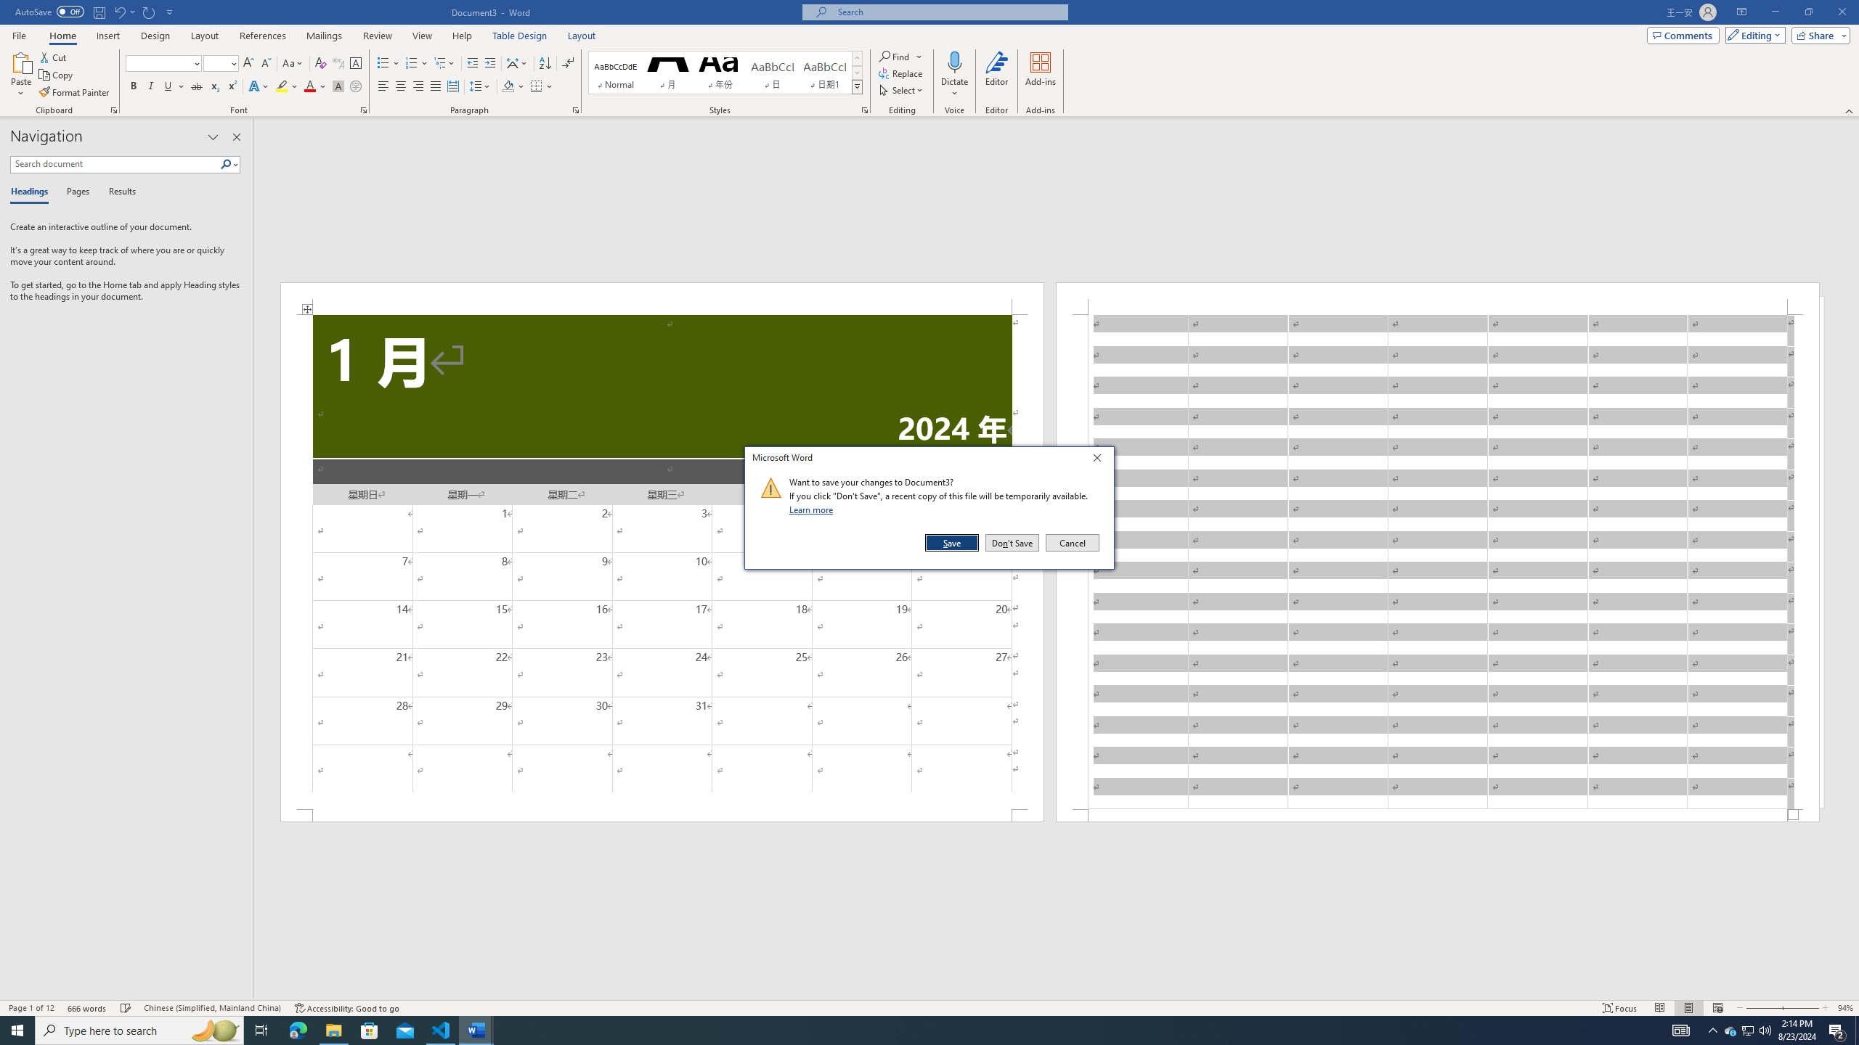  I want to click on 'Show desktop', so click(1856, 1029).